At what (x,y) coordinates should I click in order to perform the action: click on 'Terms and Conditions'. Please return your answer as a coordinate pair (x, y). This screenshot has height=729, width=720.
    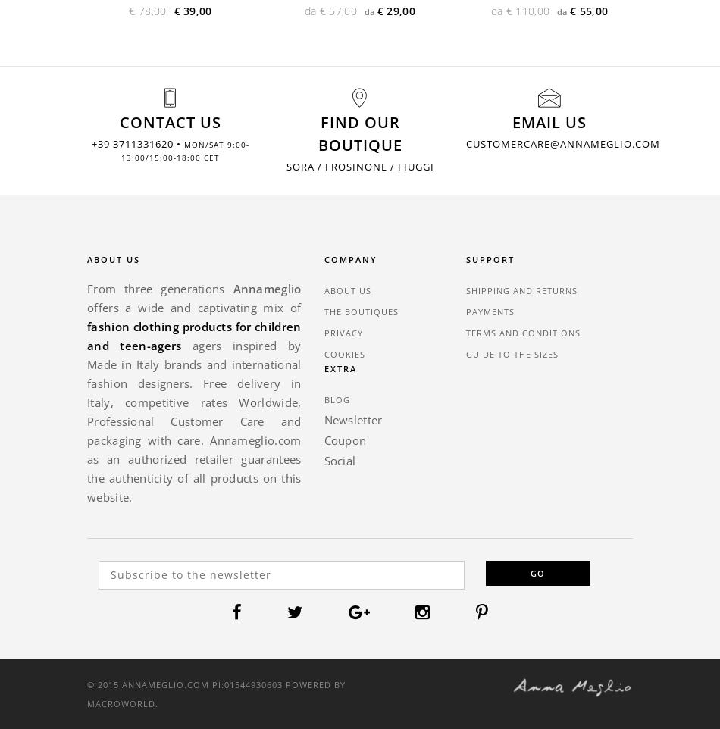
    Looking at the image, I should click on (523, 332).